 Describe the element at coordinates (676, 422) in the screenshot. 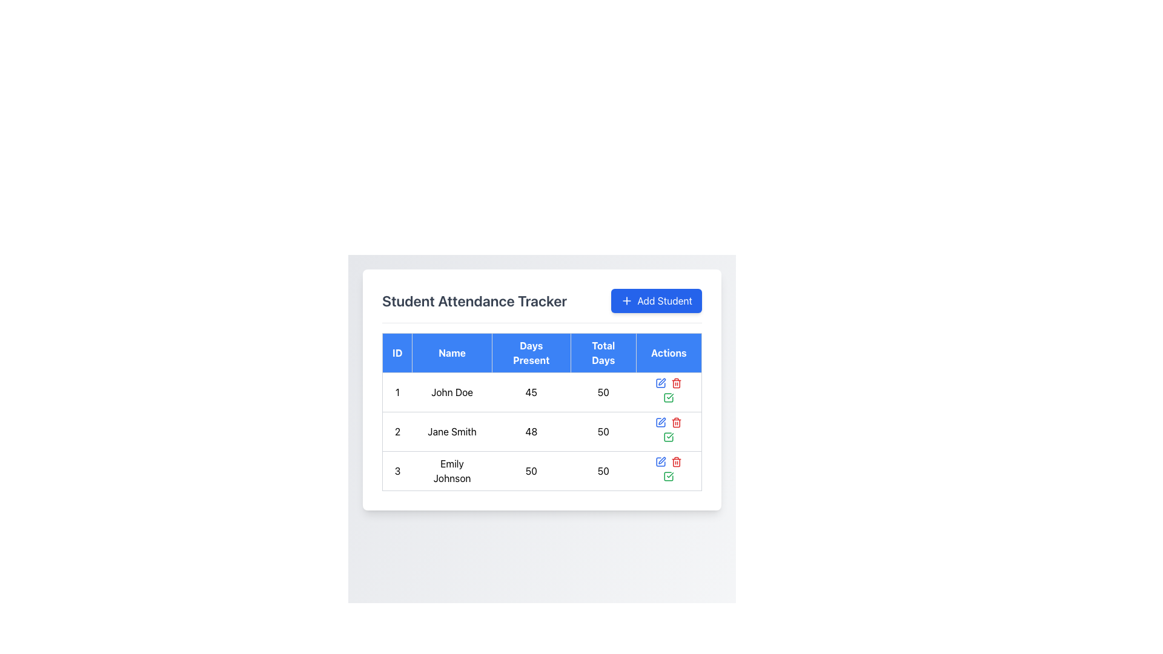

I see `the delete button located in the actions column of the second row, which is positioned between the blue edit icon and the green checkmark icon` at that location.